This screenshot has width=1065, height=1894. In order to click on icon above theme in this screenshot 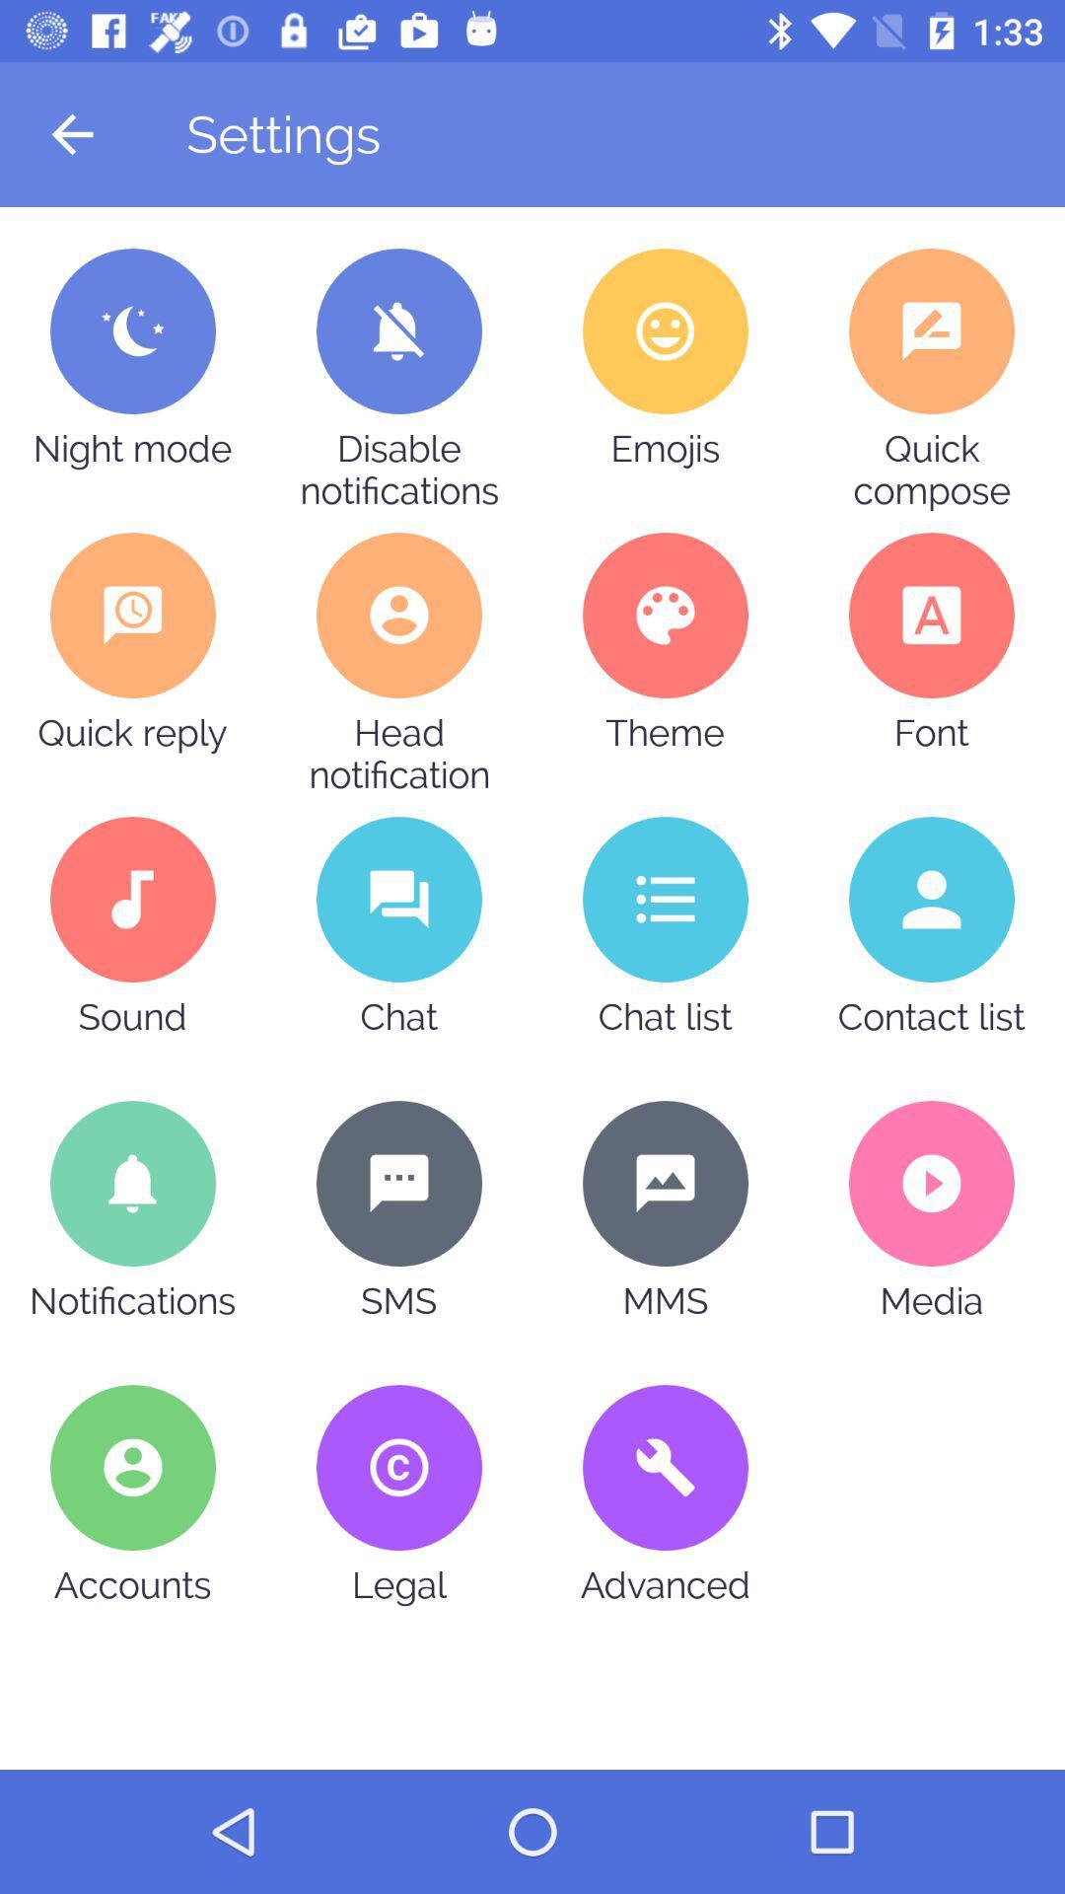, I will do `click(666, 615)`.